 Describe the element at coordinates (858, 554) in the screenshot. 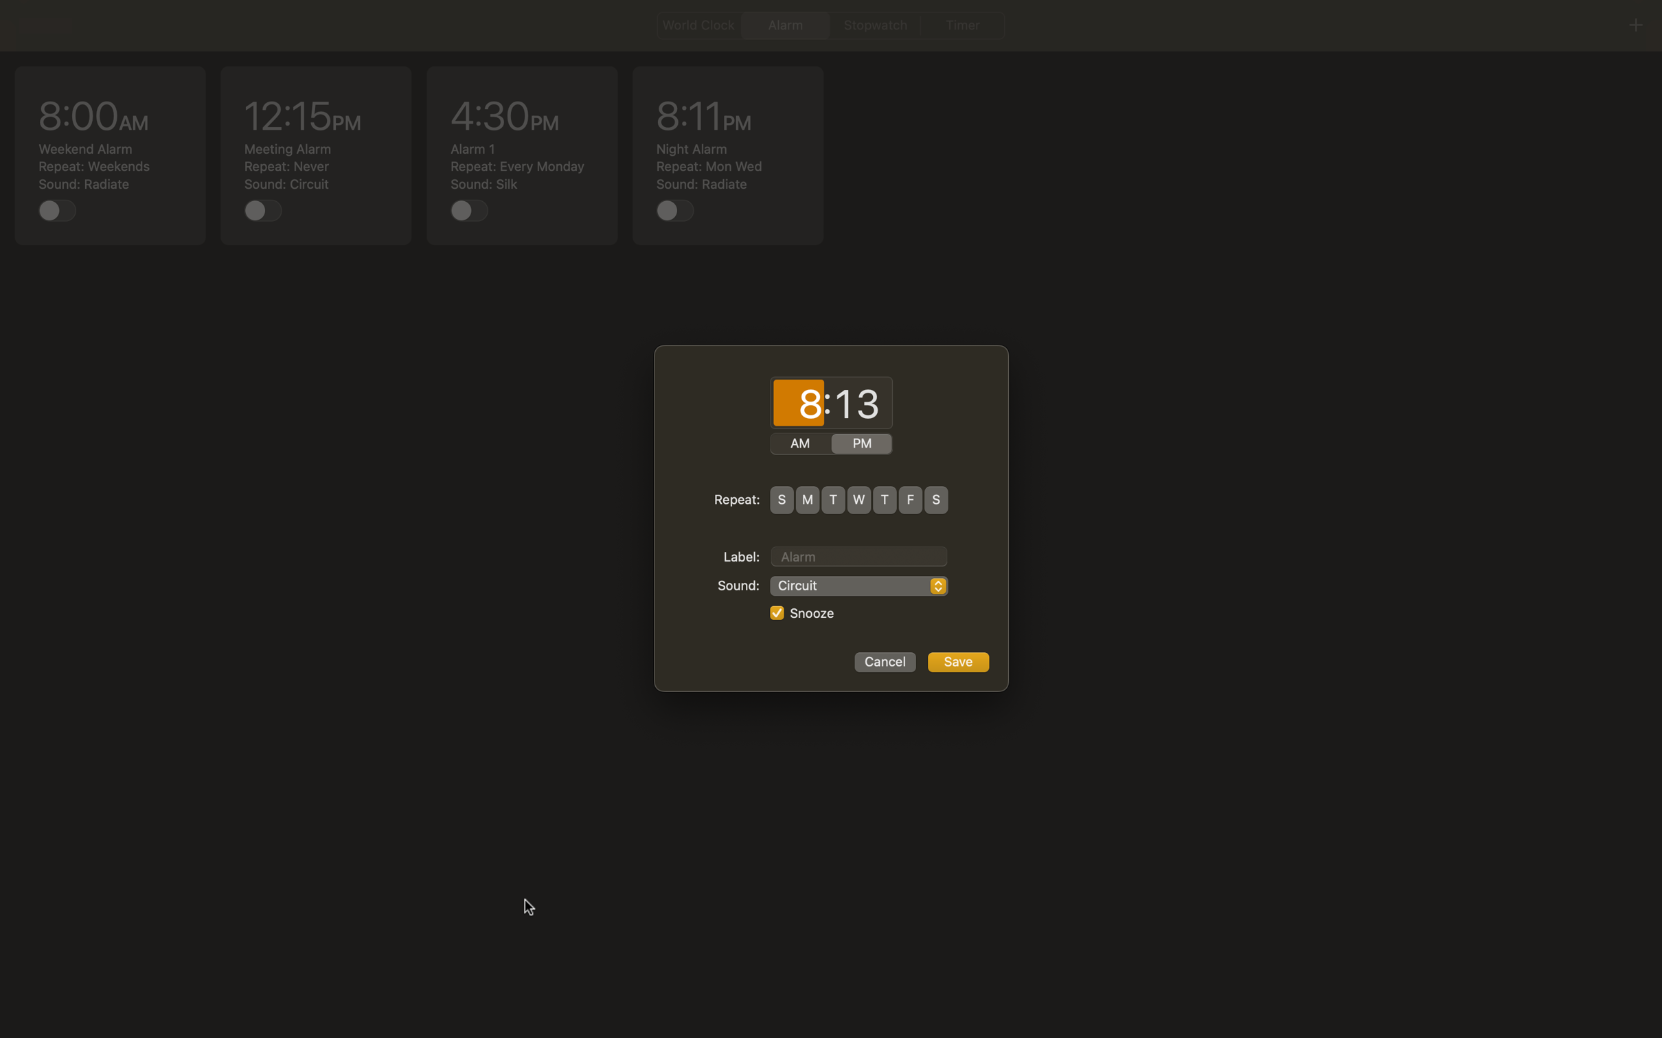

I see `alarm name as "Morning Jog` at that location.